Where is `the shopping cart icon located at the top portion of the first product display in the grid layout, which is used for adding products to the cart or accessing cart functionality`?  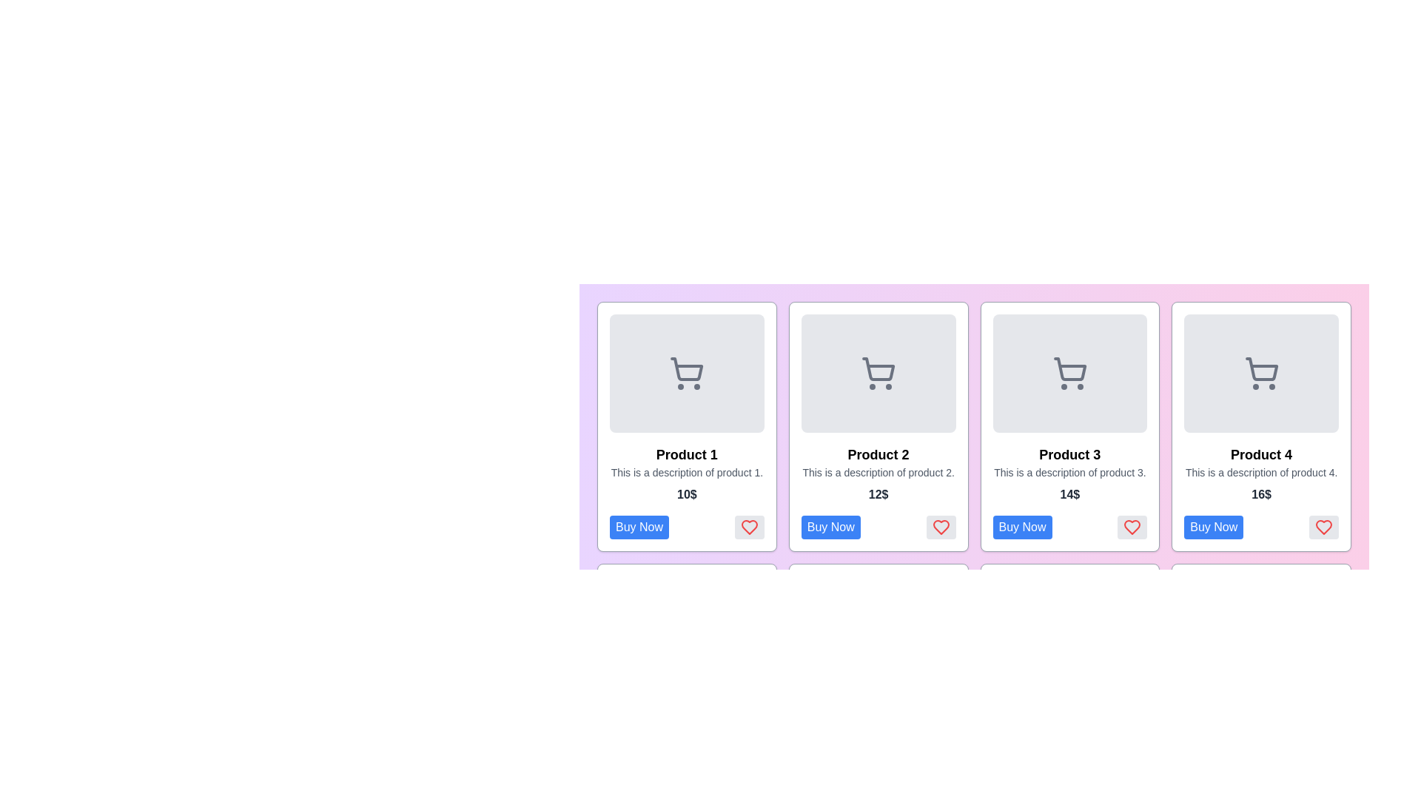
the shopping cart icon located at the top portion of the first product display in the grid layout, which is used for adding products to the cart or accessing cart functionality is located at coordinates (686, 373).